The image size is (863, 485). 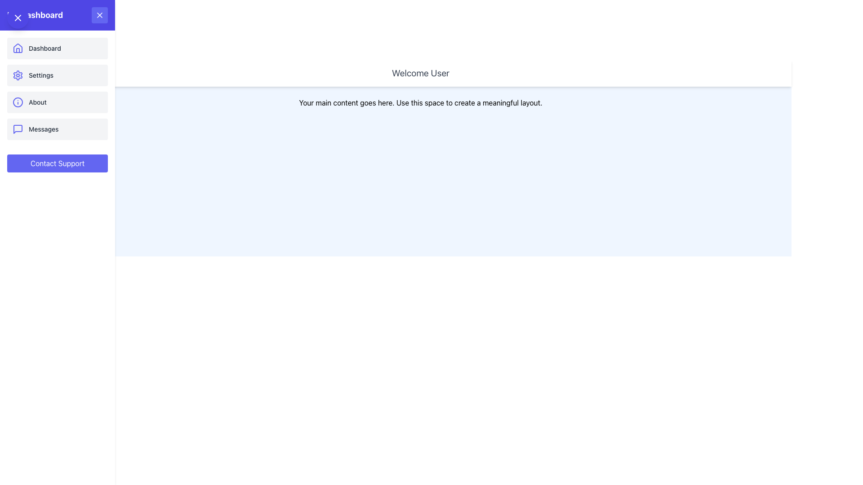 What do you see at coordinates (18, 18) in the screenshot?
I see `the SVG icon that is part of the close button located in the top-left header bar` at bounding box center [18, 18].